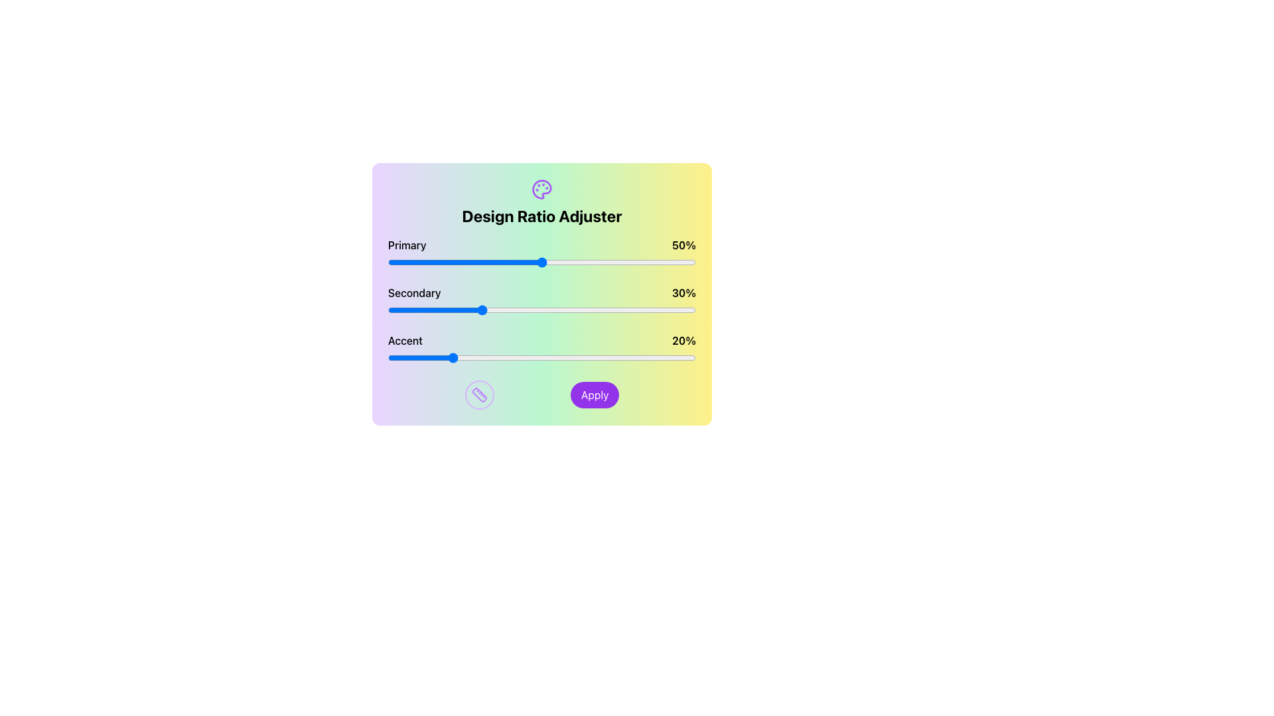  Describe the element at coordinates (478, 394) in the screenshot. I see `the circular icon with a purple ruler graphic, positioned to the left of the 'Apply' button` at that location.